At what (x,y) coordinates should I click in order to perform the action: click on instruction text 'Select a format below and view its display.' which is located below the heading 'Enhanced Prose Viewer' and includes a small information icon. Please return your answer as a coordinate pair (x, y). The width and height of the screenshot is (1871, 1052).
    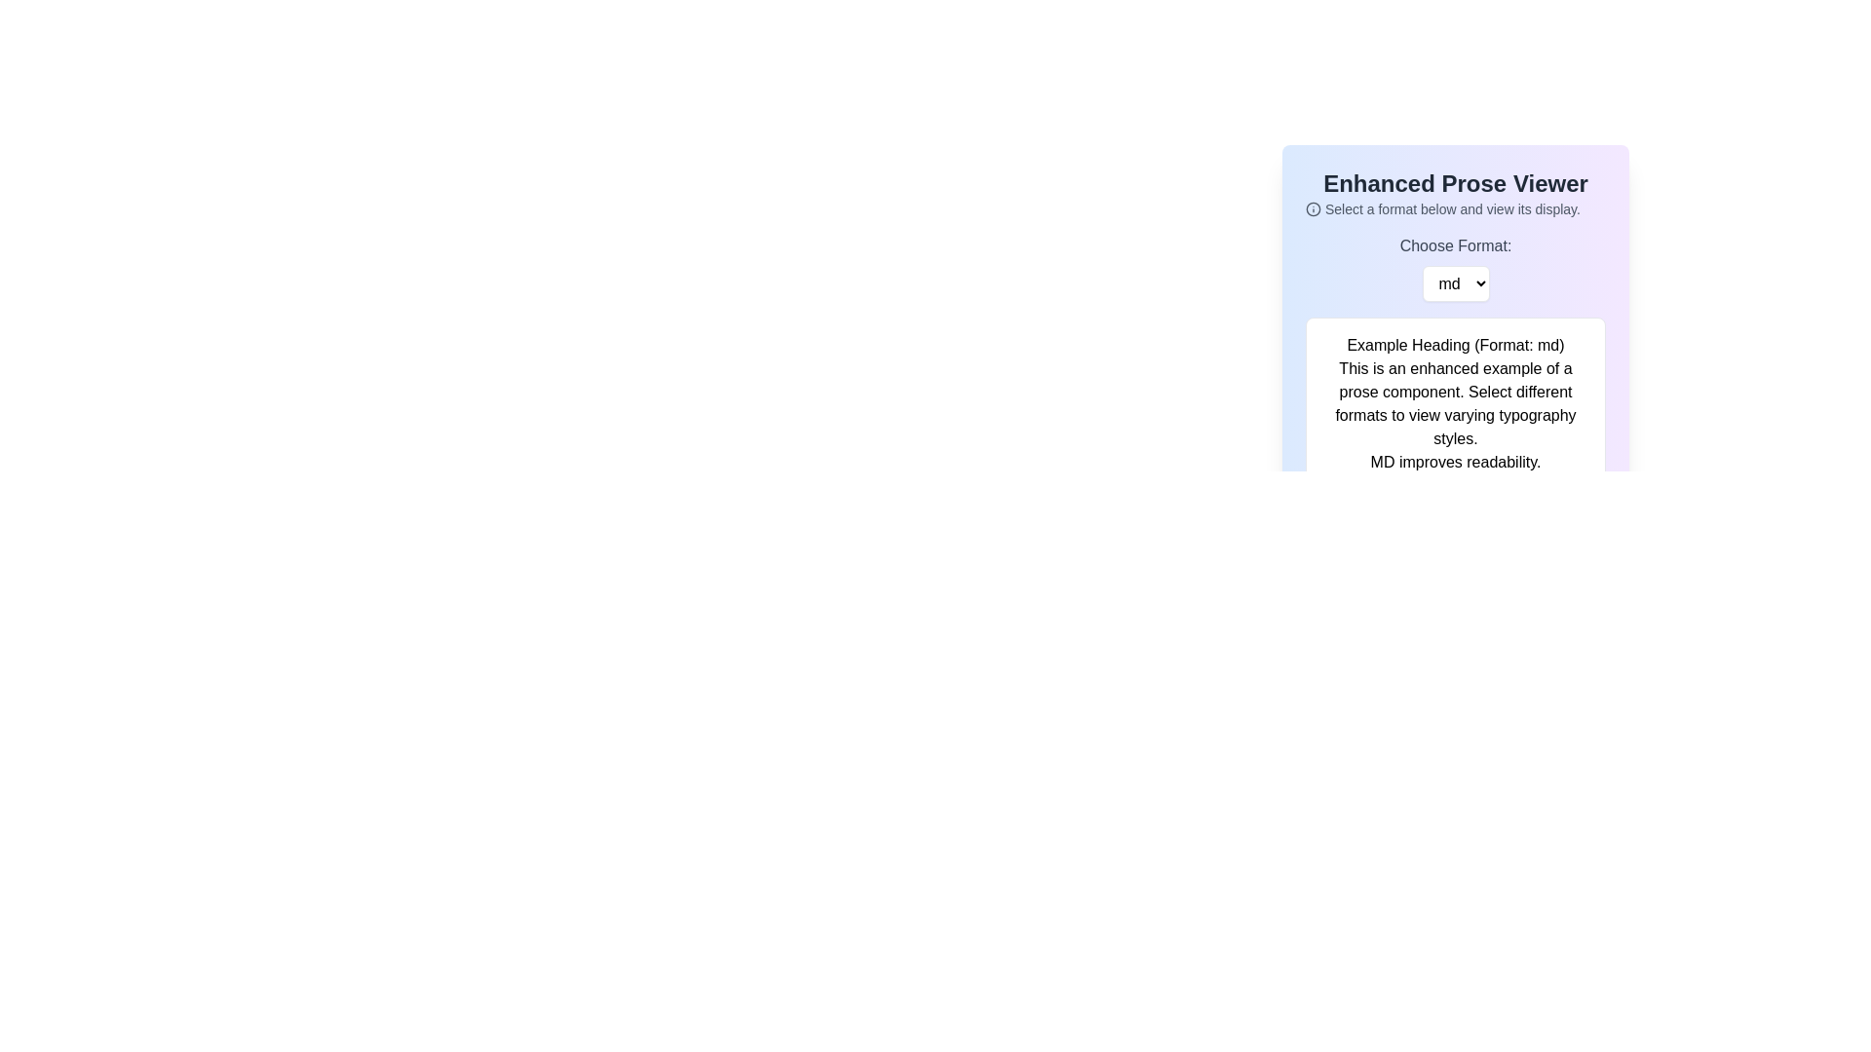
    Looking at the image, I should click on (1455, 209).